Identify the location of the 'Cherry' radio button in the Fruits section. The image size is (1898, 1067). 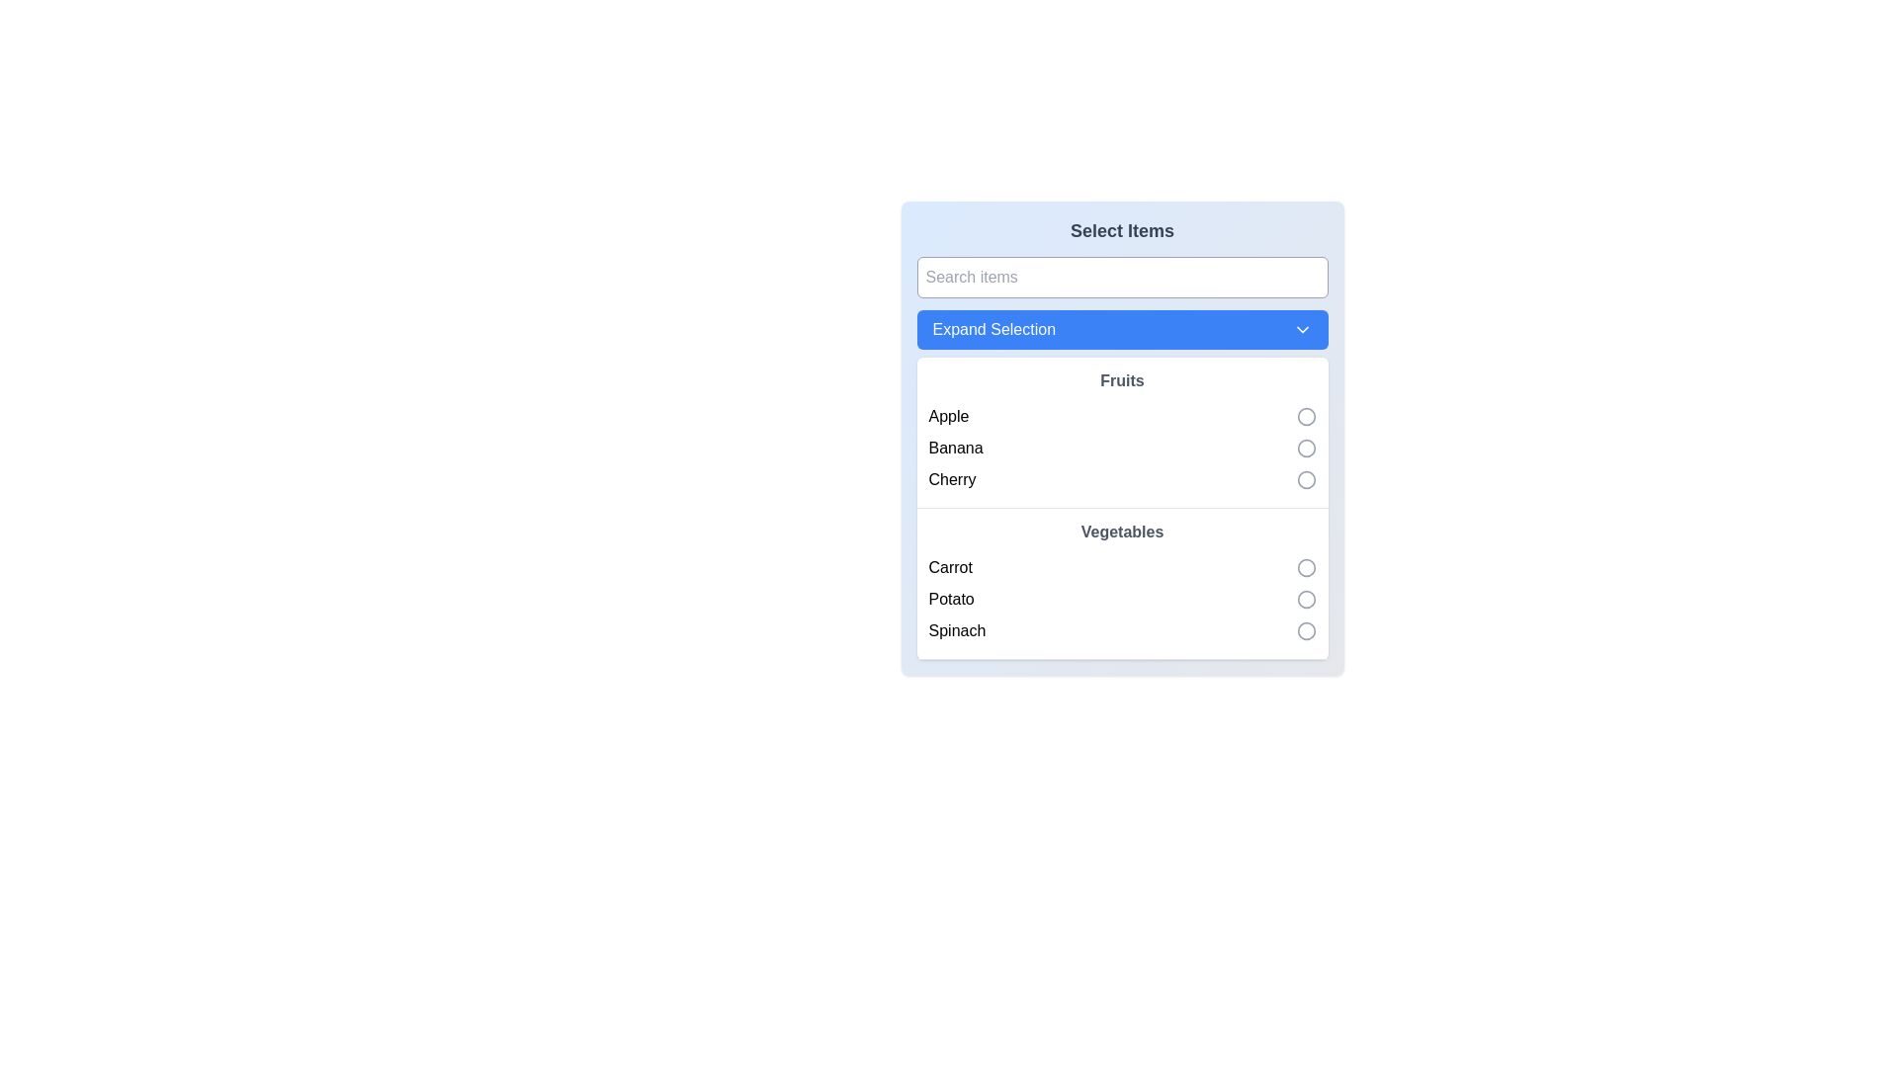
(1306, 480).